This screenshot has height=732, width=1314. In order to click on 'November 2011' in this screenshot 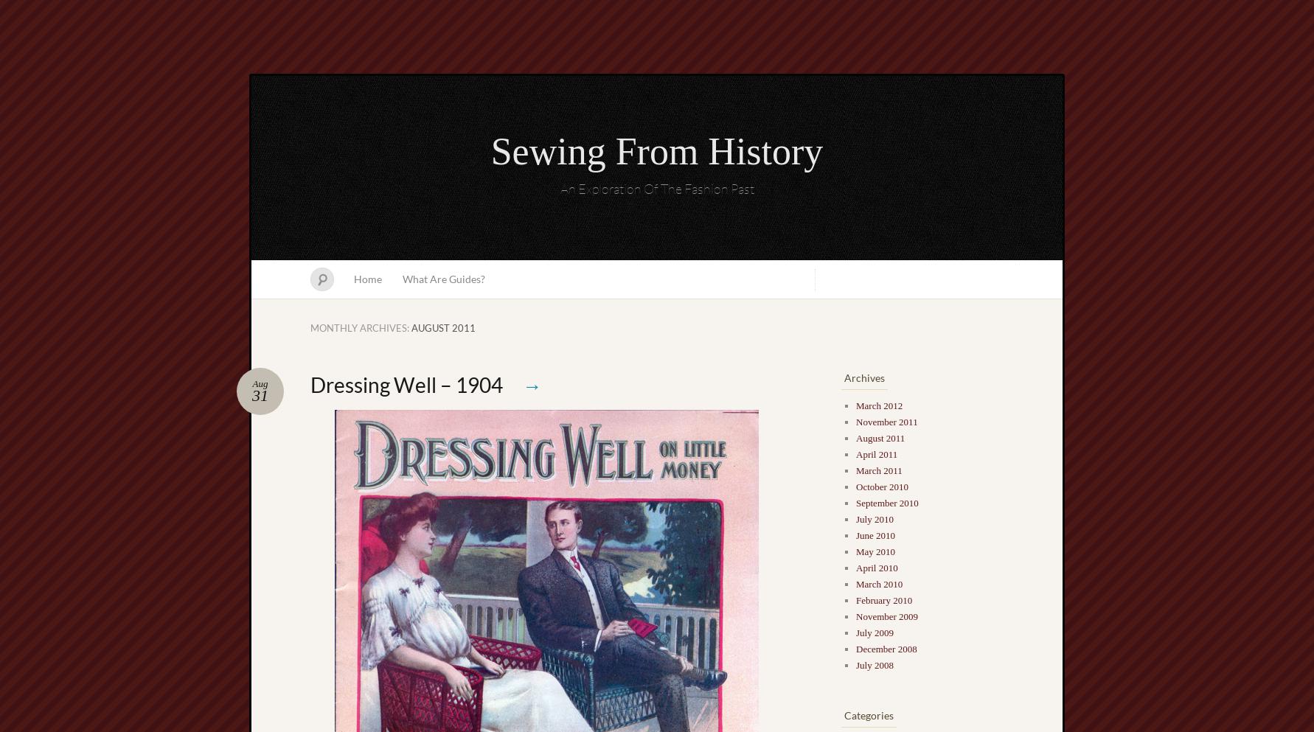, I will do `click(855, 421)`.